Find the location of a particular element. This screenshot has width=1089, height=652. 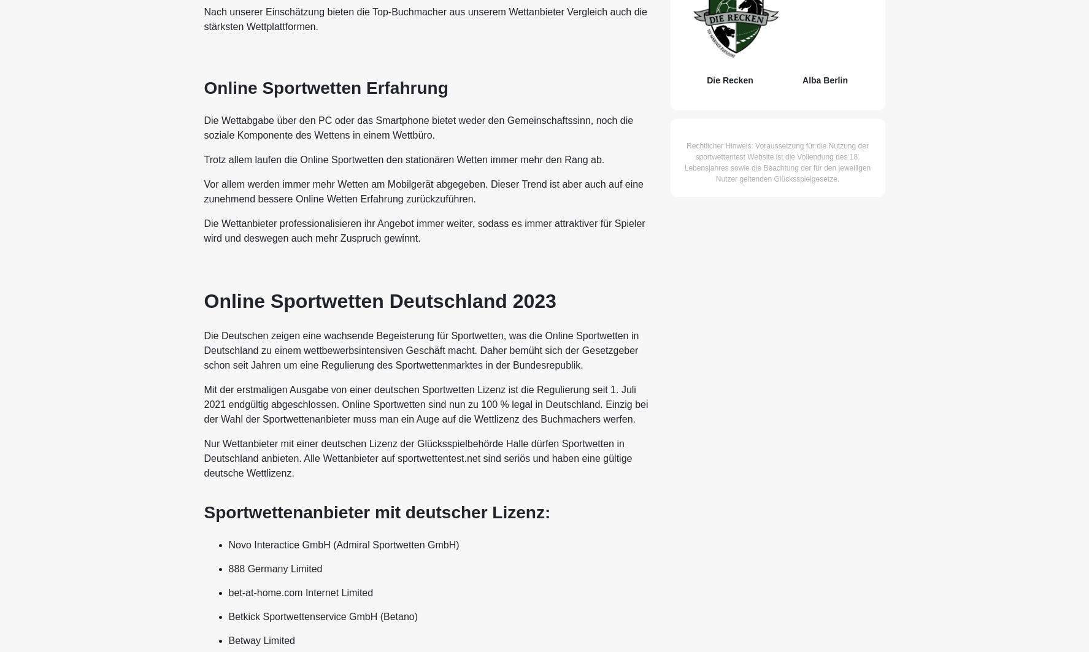

'Die Deutschen zeigen eine wachsende Begeisterung für Sportwetten, was die Online Sportwetten in Deutschland zu einem wettbewerbsintensiven Geschäft macht. Daher bemüht sich der Gesetzgeber schon seit Jahren um eine Regulierung des Sportwettenmarktes in der Bundesrepublik.' is located at coordinates (420, 349).